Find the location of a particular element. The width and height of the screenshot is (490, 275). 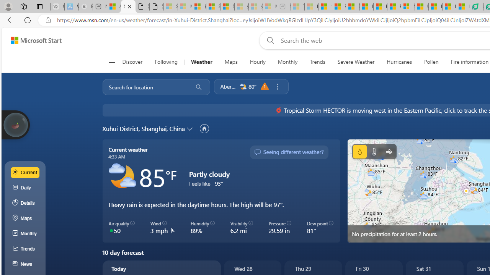

'Severe Weather' is located at coordinates (355, 62).